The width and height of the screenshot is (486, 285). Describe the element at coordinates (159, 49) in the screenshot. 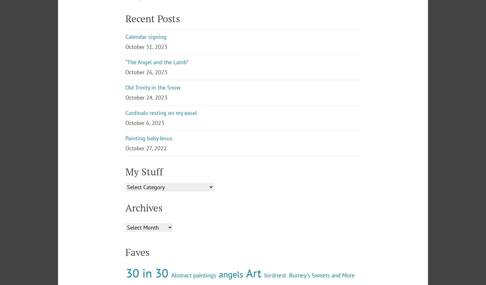

I see `'Join 1,297 other subscribers'` at that location.